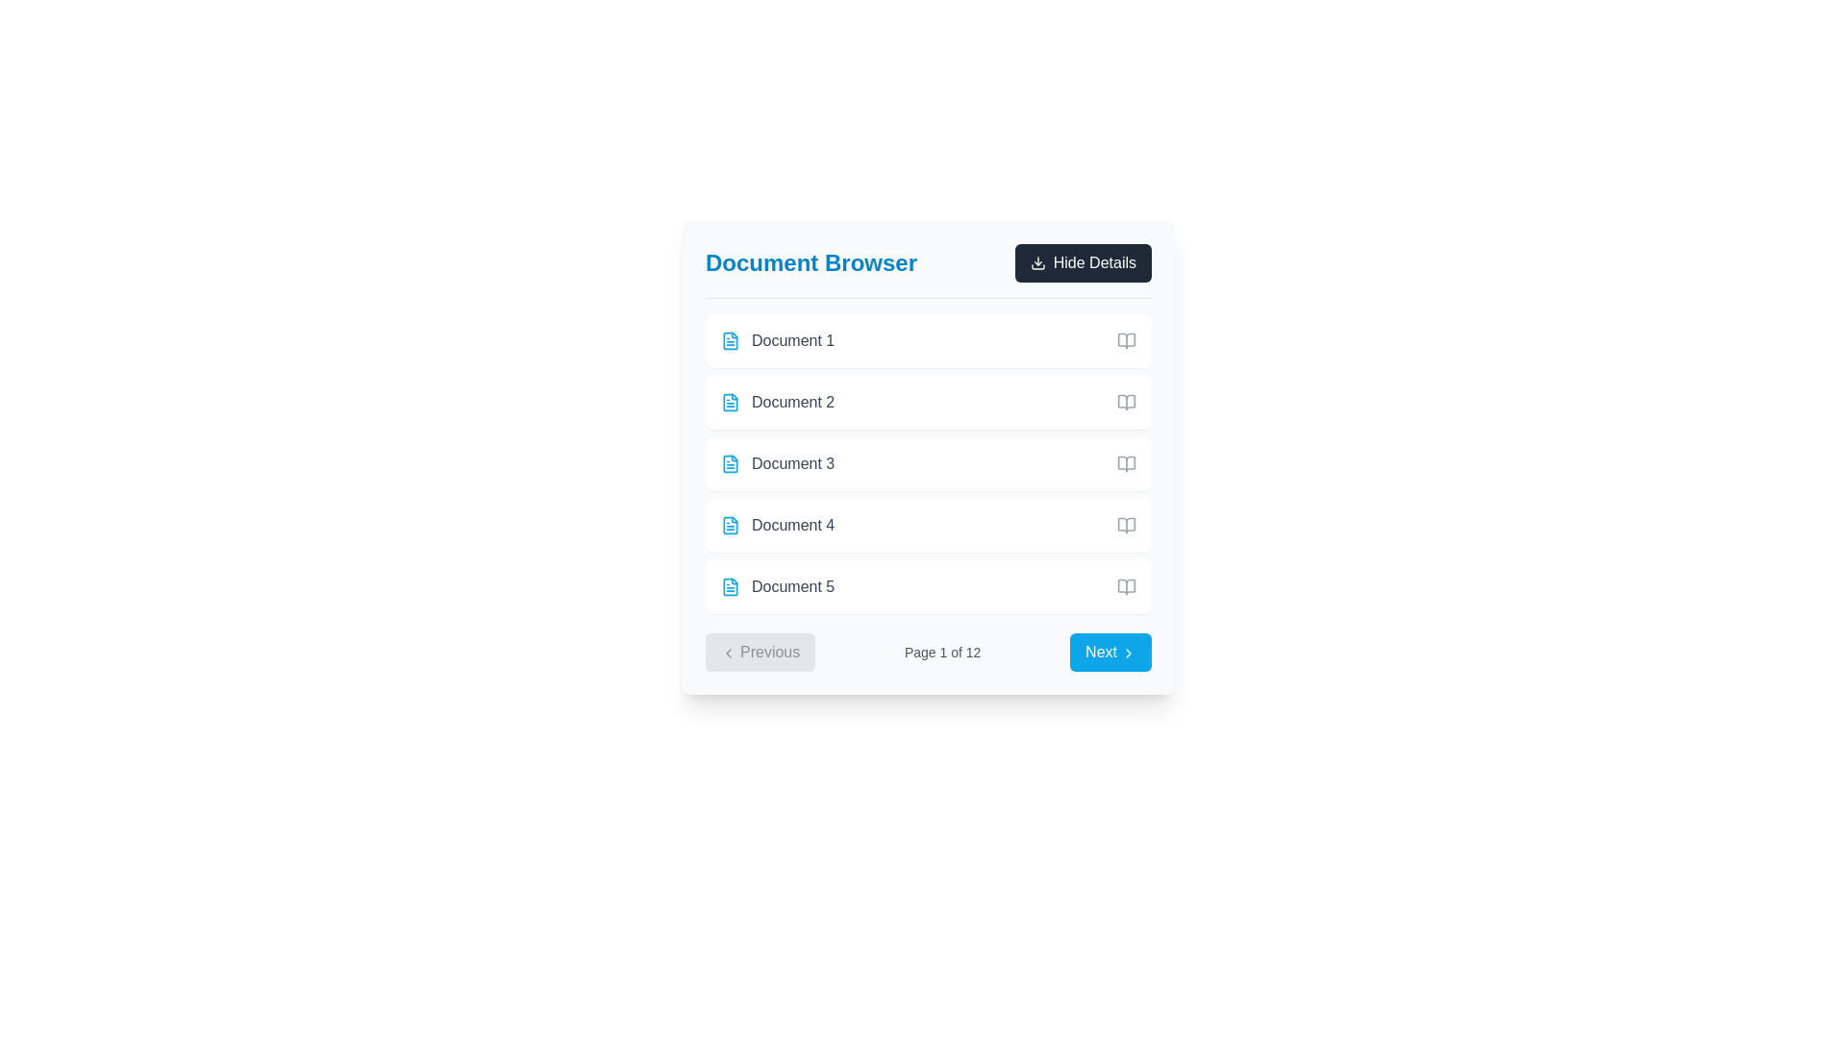 The height and width of the screenshot is (1038, 1846). I want to click on the third item, so click(928, 463).